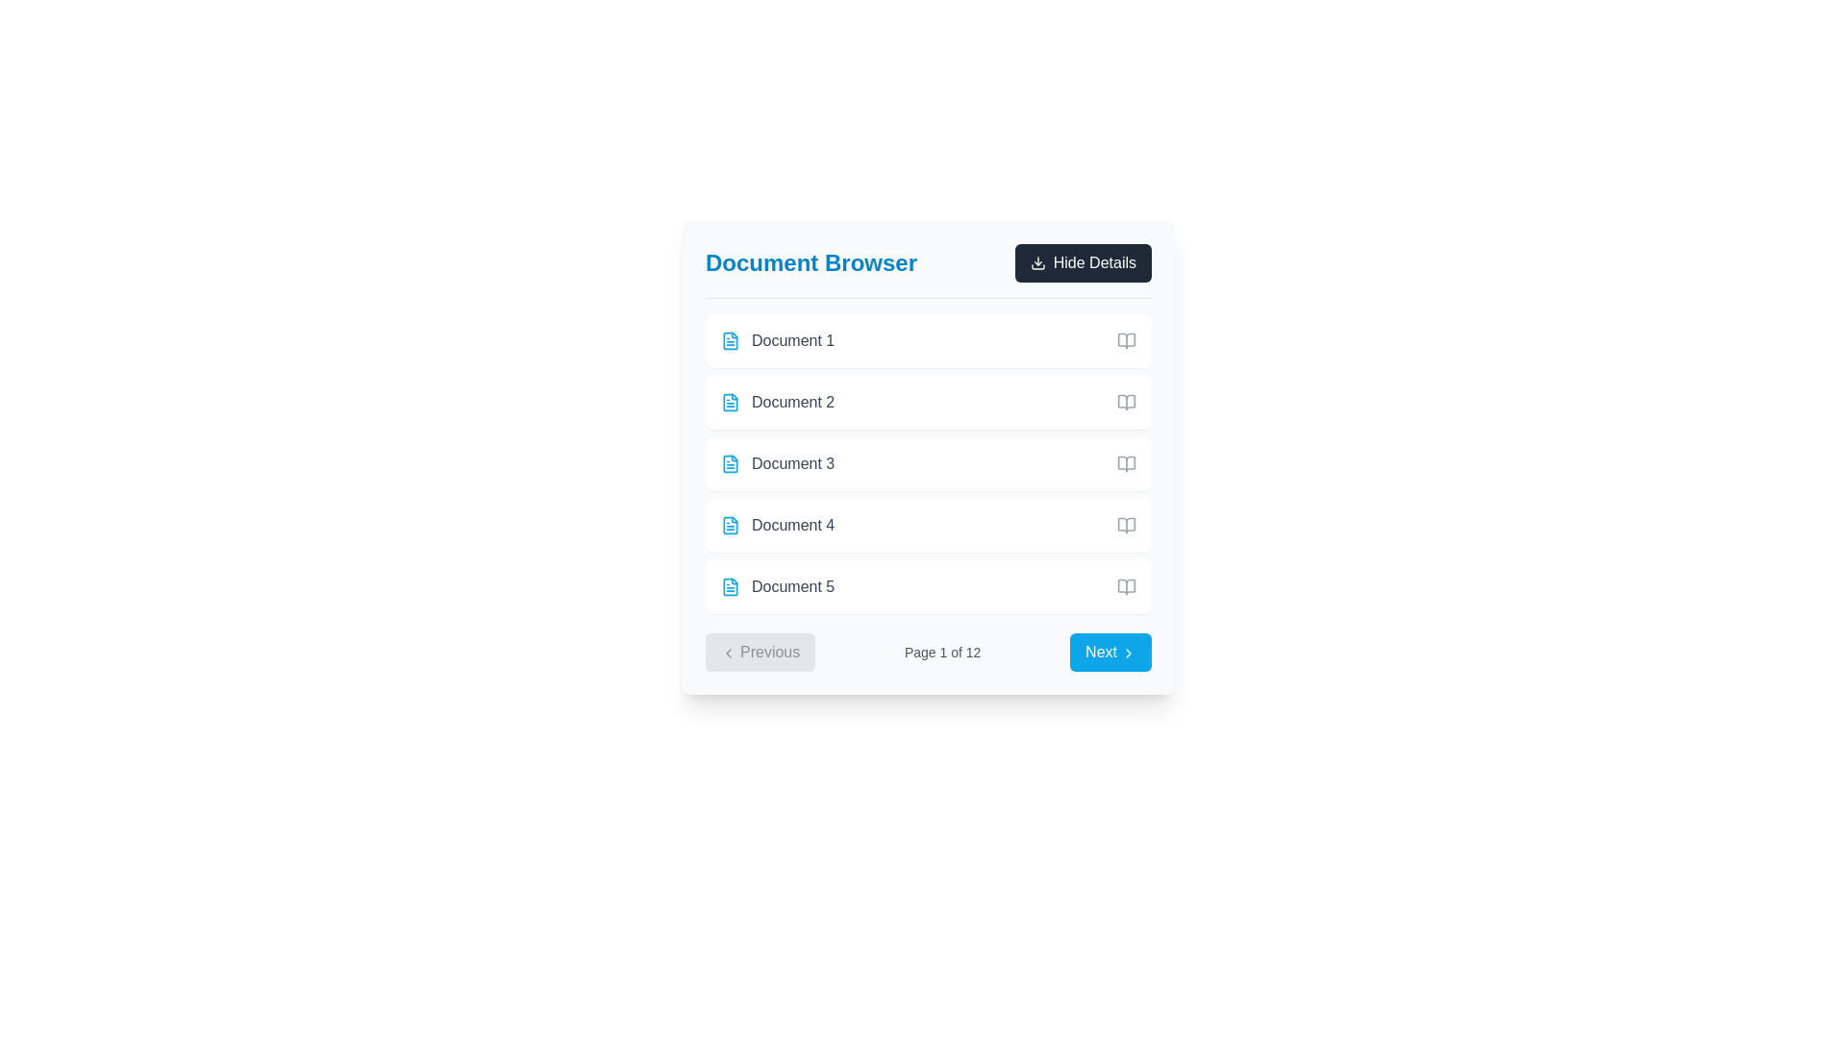 The height and width of the screenshot is (1038, 1846). I want to click on the third item, so click(928, 463).